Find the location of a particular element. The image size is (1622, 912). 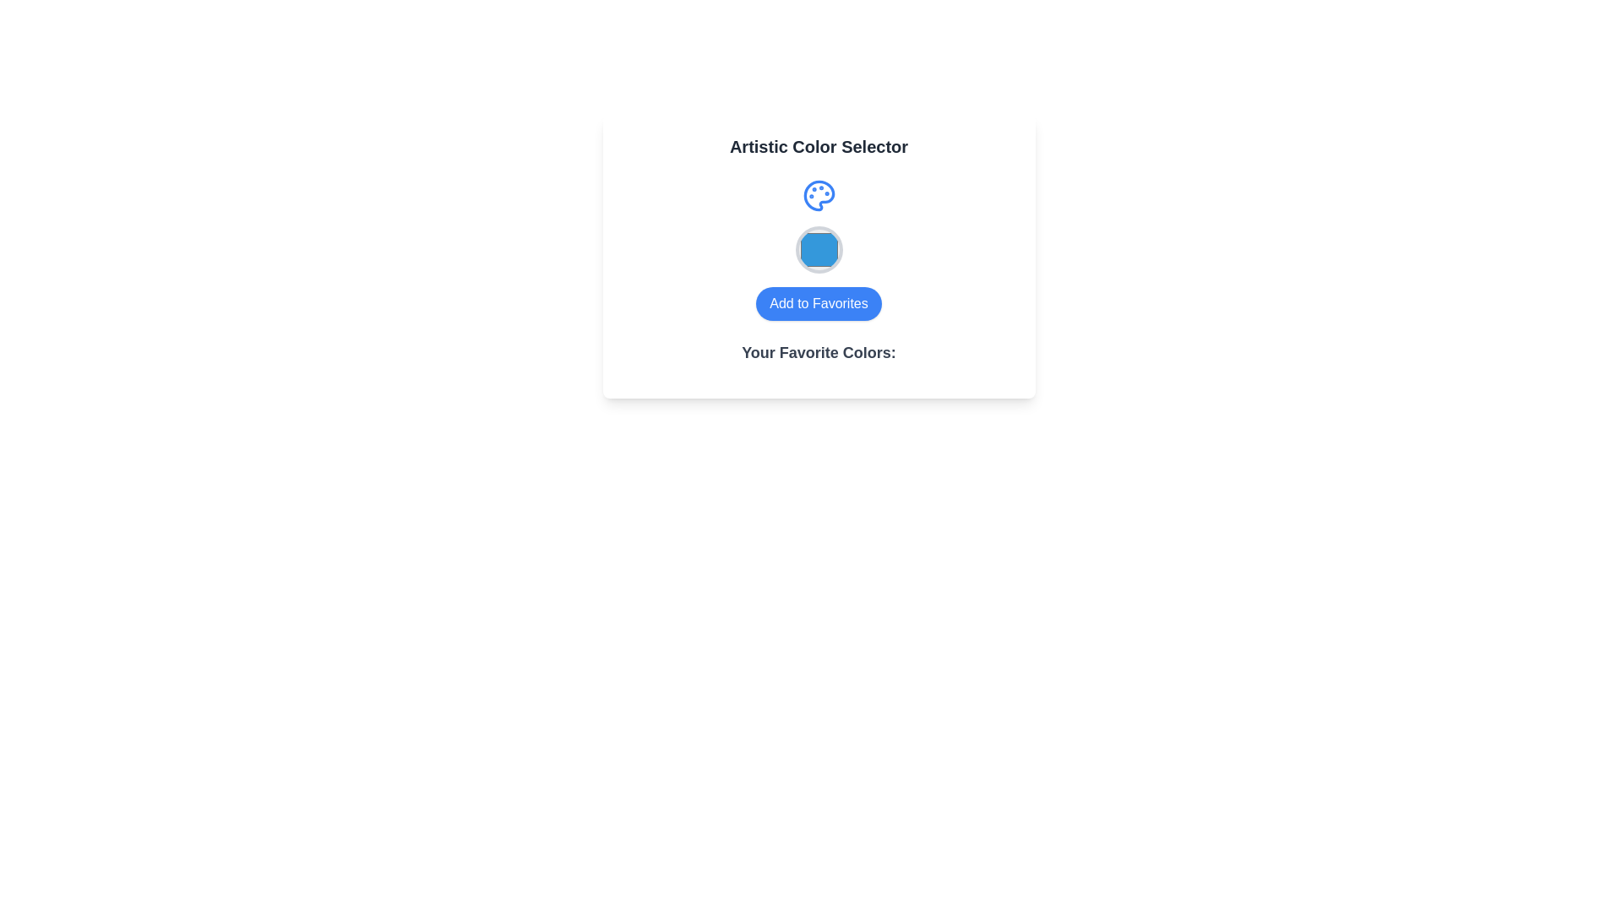

text label located at the bottom of the UI card, which serves as a header for the color selection section, positioned directly underneath the 'Add to Favorites' button is located at coordinates (819, 358).